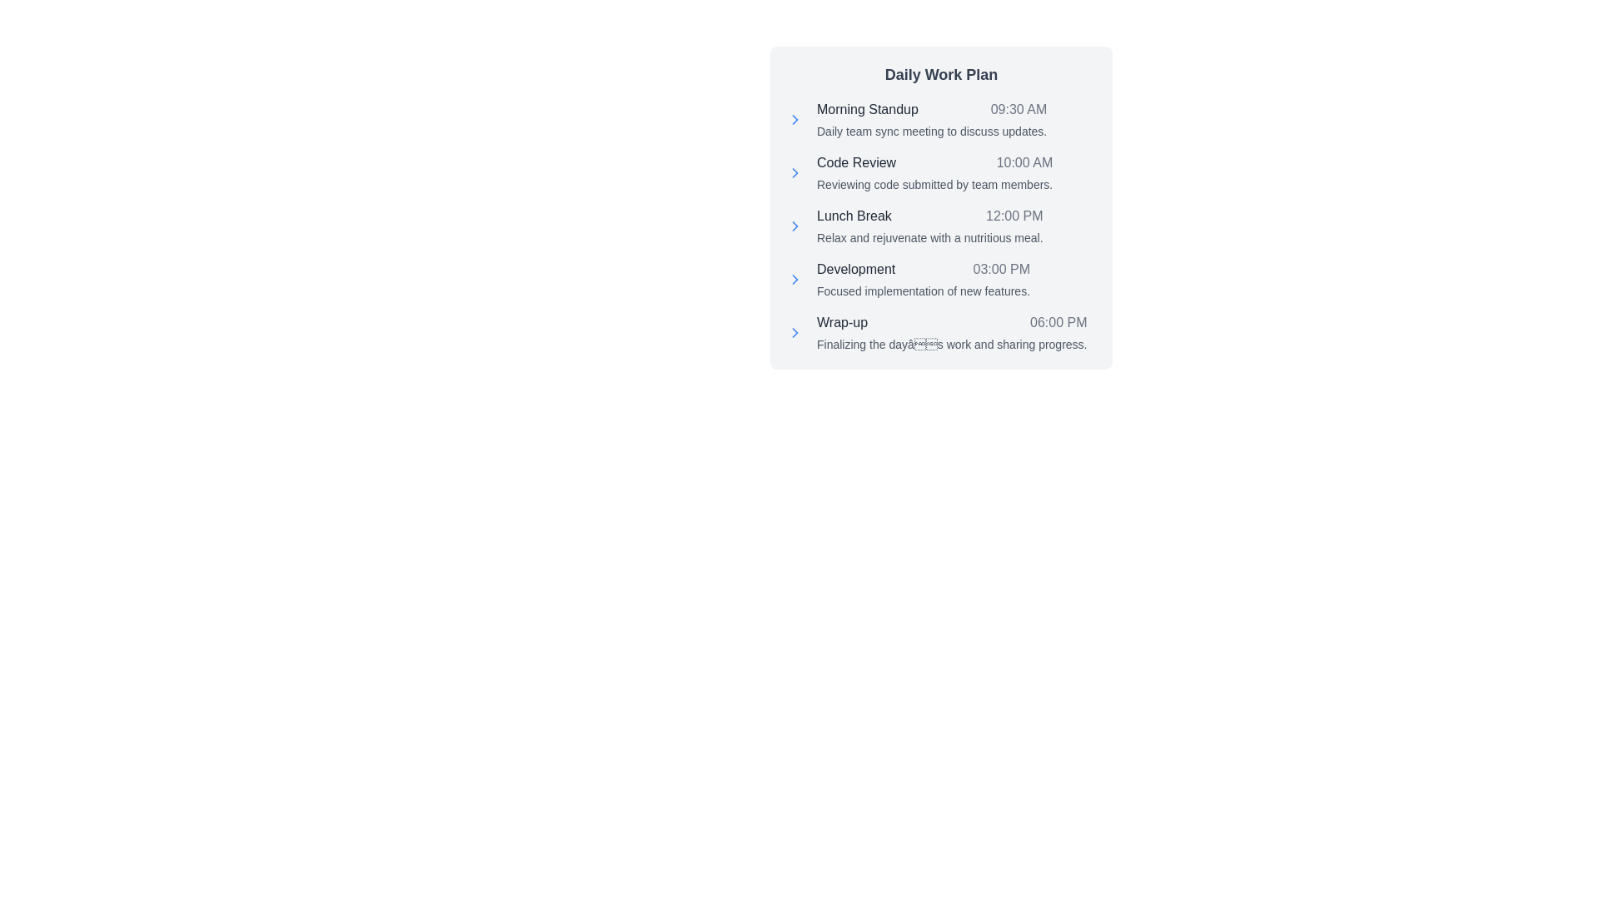  I want to click on title 'Lunch Break' and the description 'Relax and rejuvenate with a nutritious meal.' from the text block located under 'Daily Work Plan.', so click(941, 226).